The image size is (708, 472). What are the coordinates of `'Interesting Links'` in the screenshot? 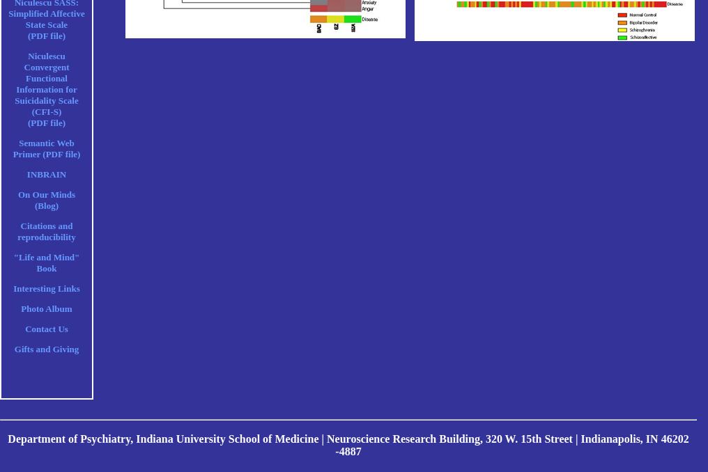 It's located at (12, 288).